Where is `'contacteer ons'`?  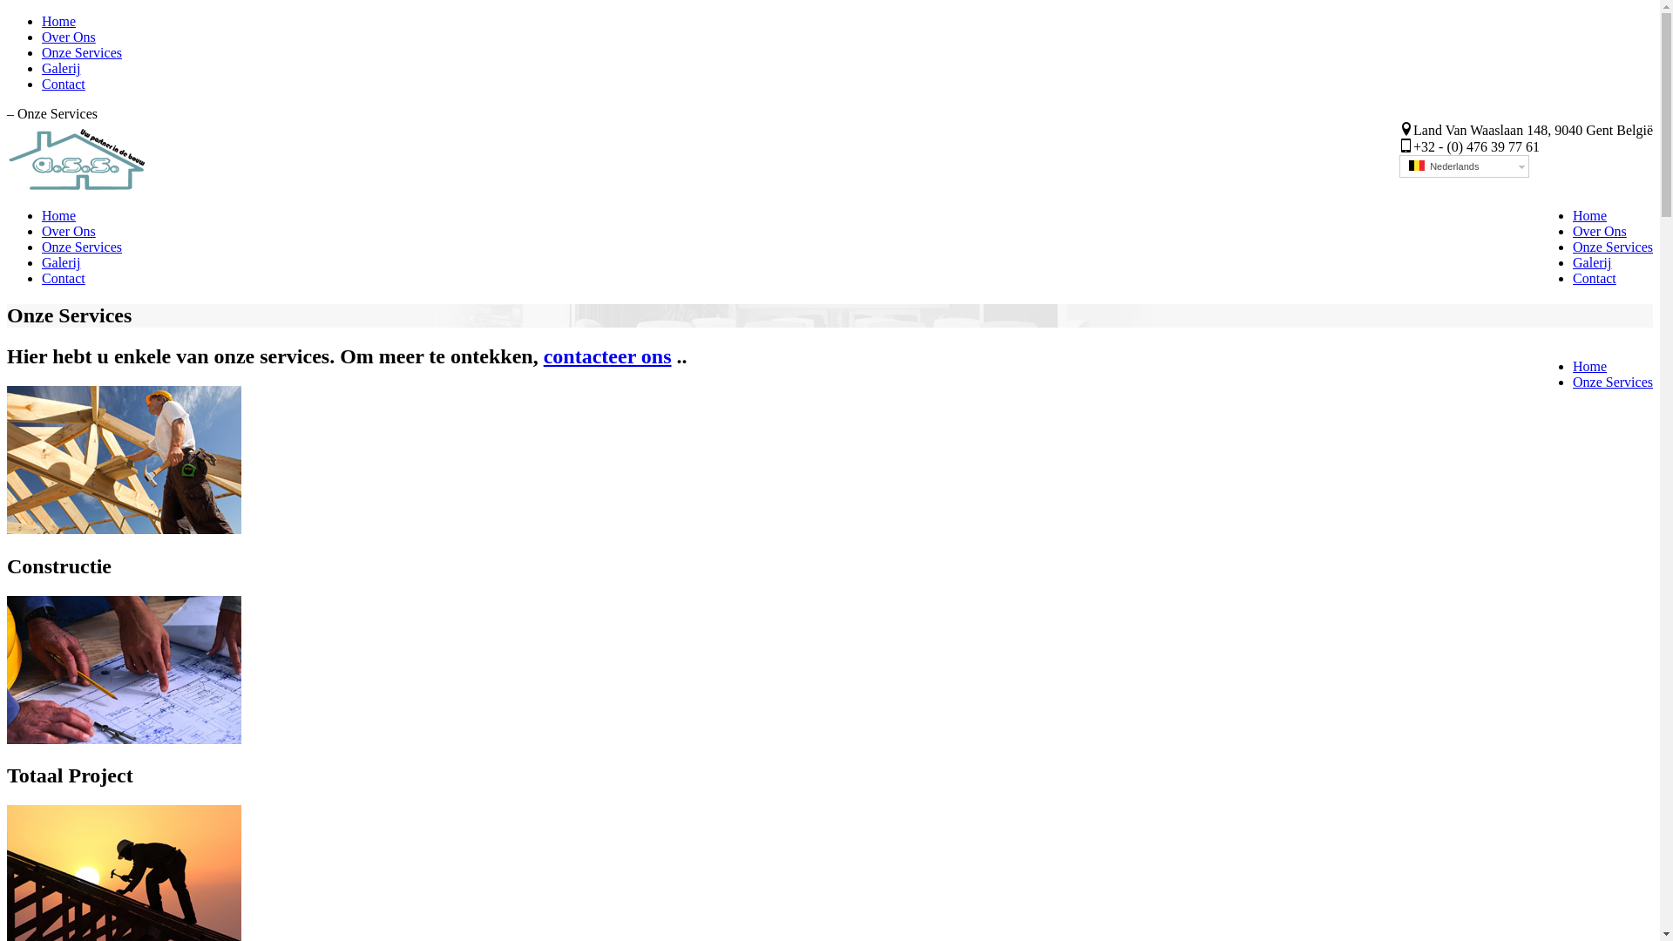
'contacteer ons' is located at coordinates (607, 355).